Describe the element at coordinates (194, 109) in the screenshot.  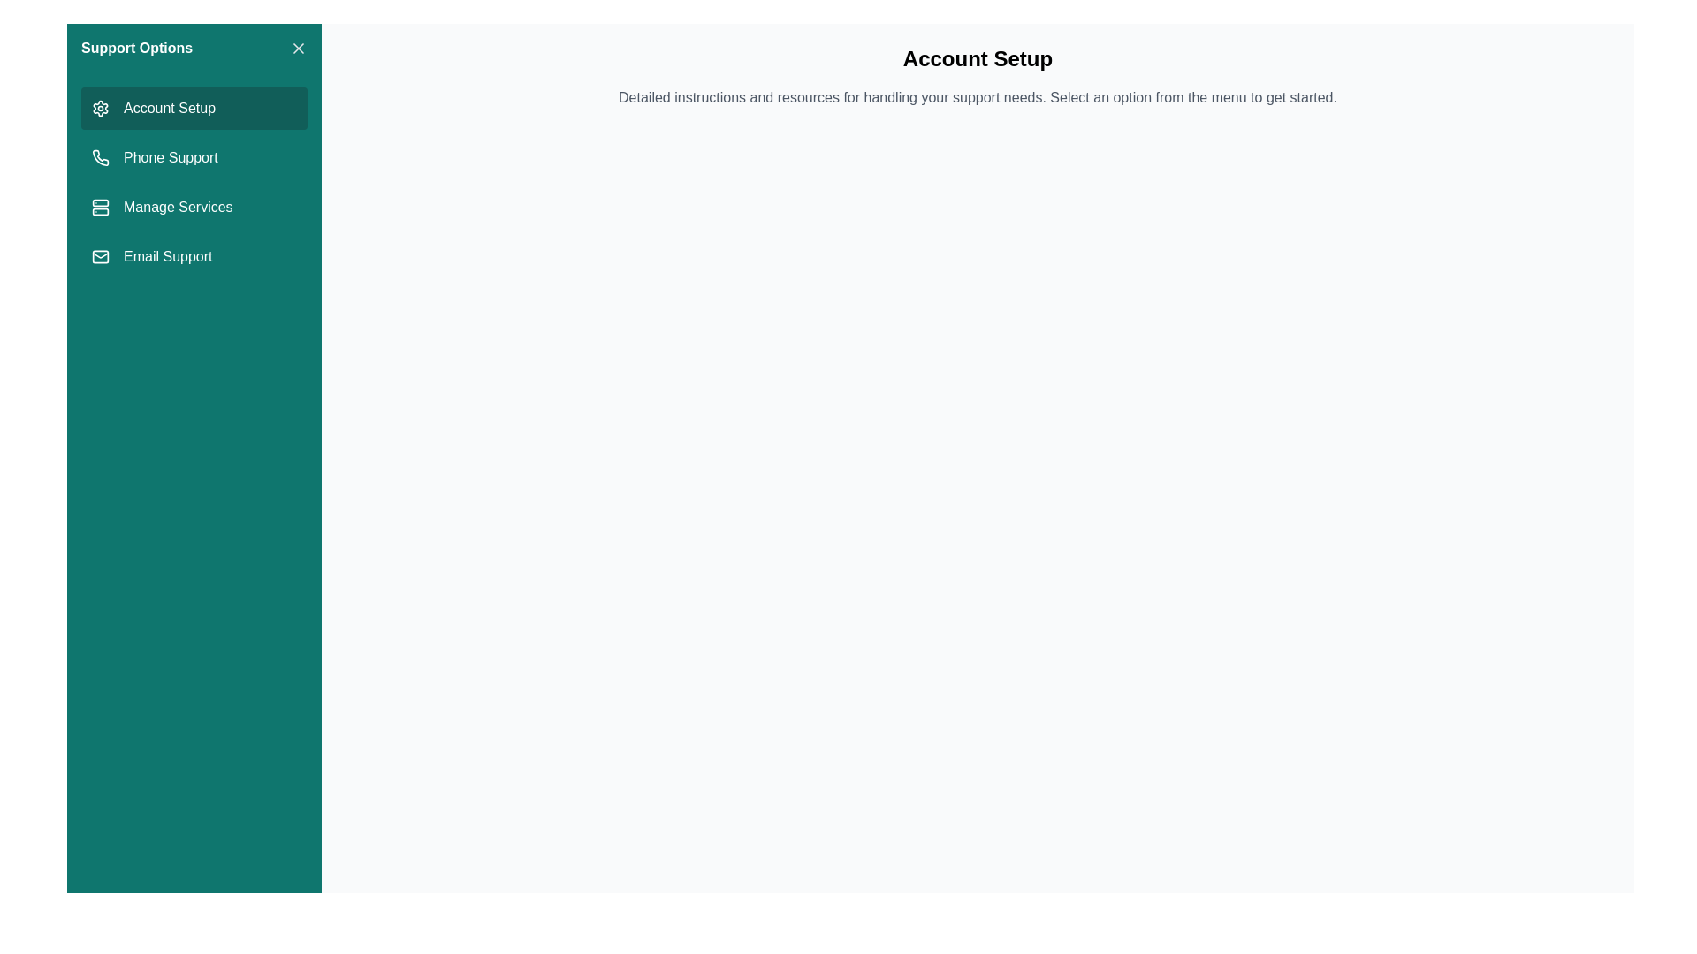
I see `the 'Account Setup' button located in the left sidebar under 'Support Options'` at that location.